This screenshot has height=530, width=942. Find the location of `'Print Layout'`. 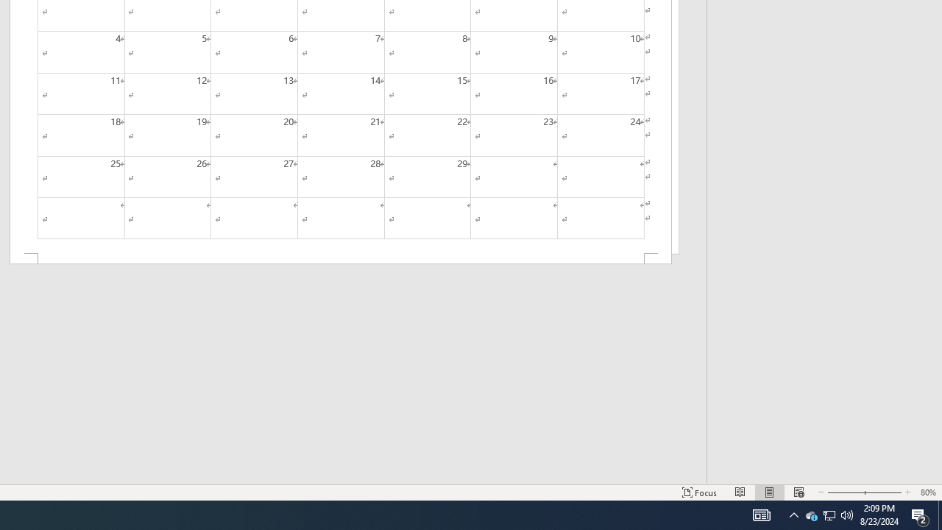

'Print Layout' is located at coordinates (769, 492).